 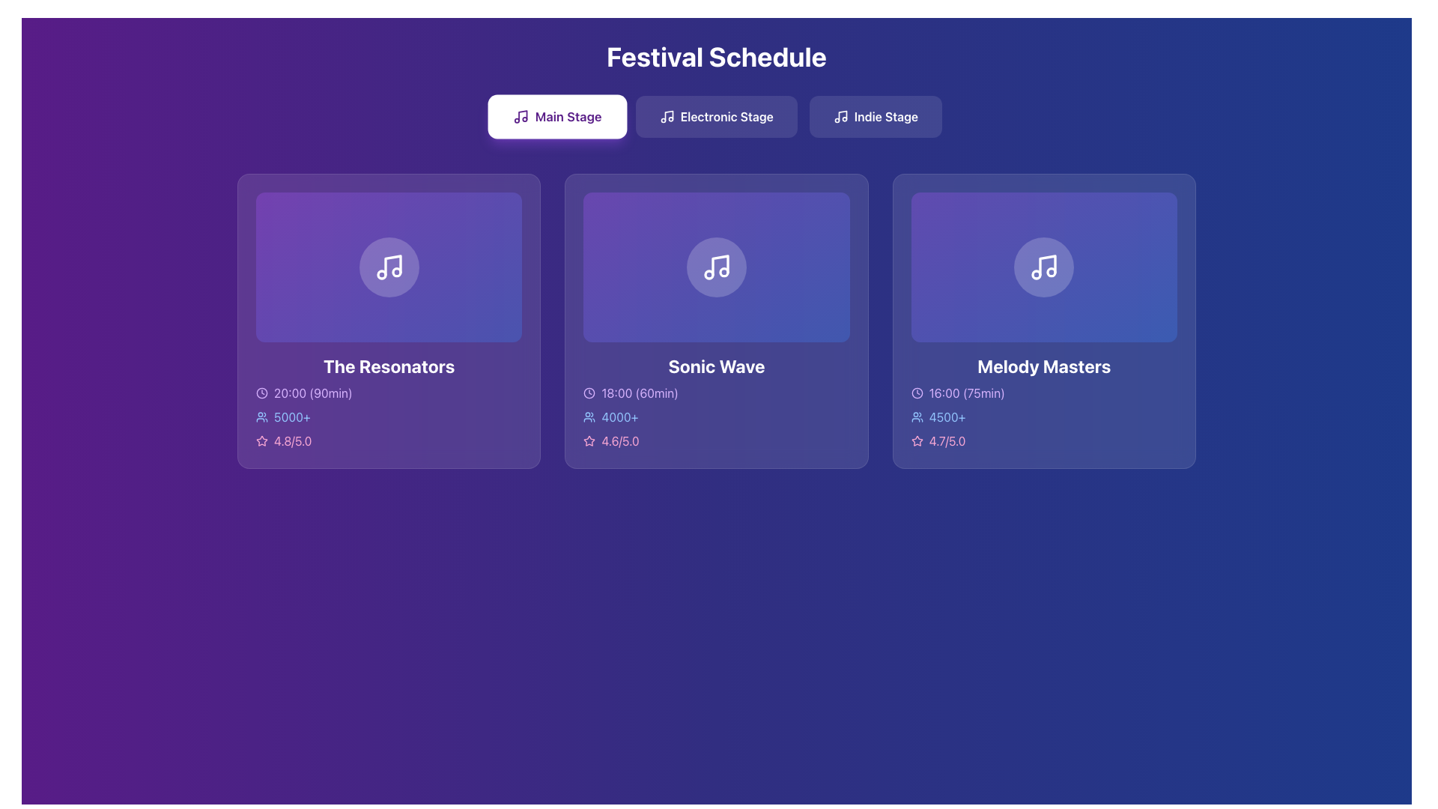 I want to click on the textual label conveying the rating of the 'Sonic Wave' event, located at the bottom-left corner of the card, just to the right of the star icon, so click(x=620, y=440).